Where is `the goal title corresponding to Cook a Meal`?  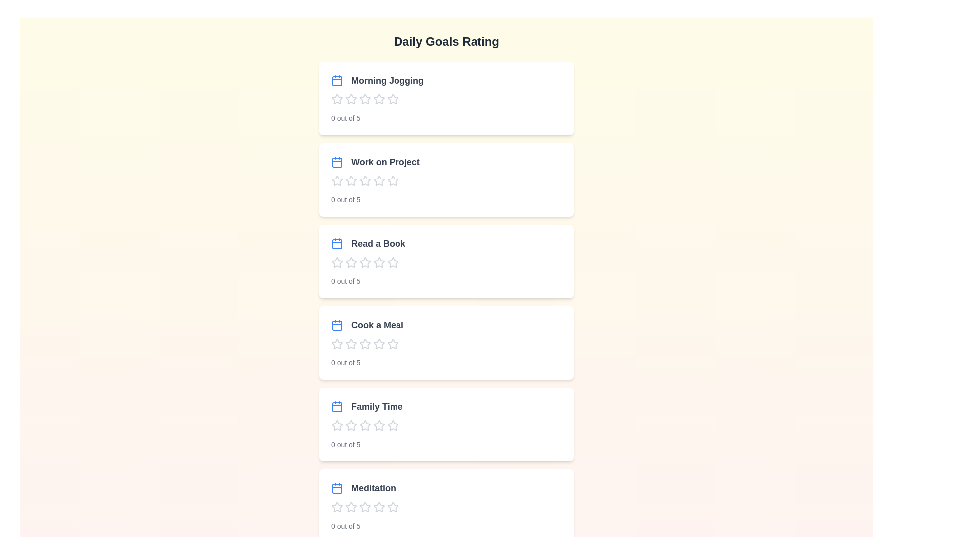 the goal title corresponding to Cook a Meal is located at coordinates (367, 325).